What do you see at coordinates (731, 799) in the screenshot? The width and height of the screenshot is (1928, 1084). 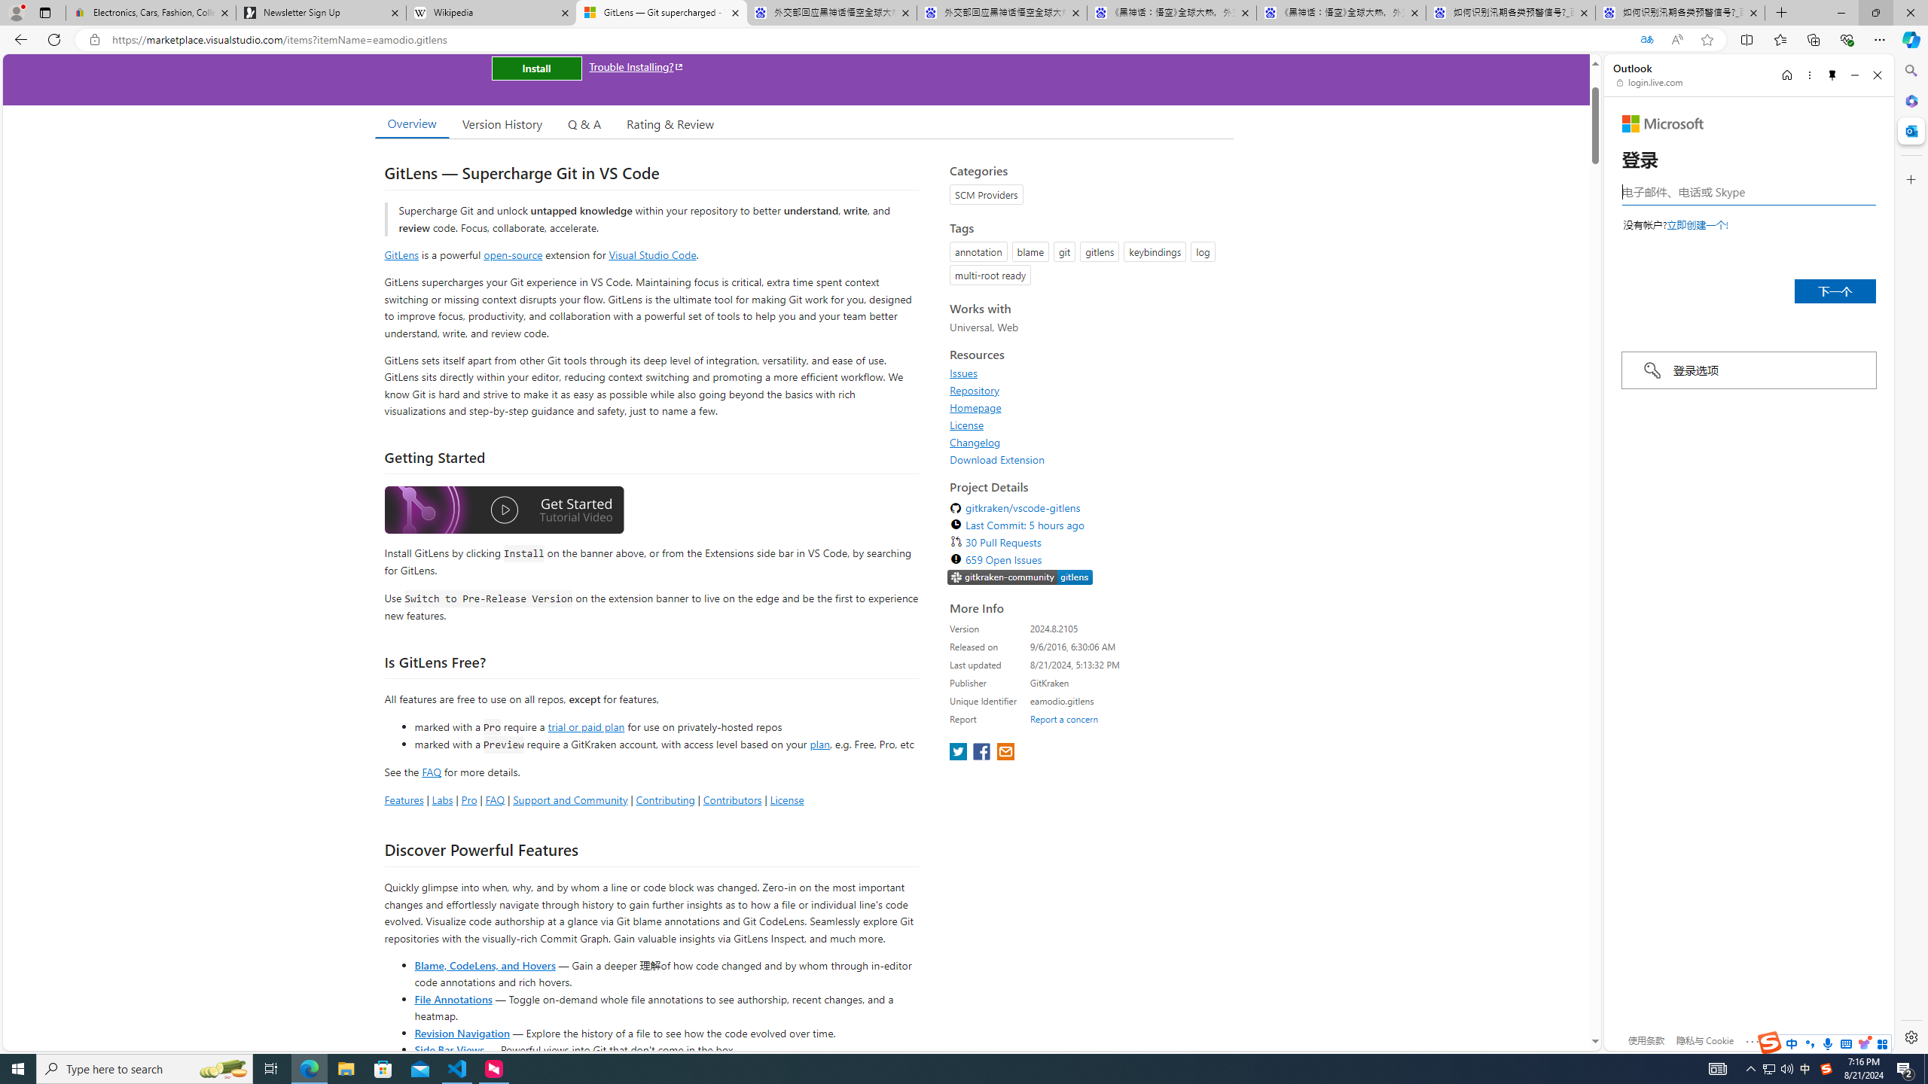 I see `'Contributors'` at bounding box center [731, 799].